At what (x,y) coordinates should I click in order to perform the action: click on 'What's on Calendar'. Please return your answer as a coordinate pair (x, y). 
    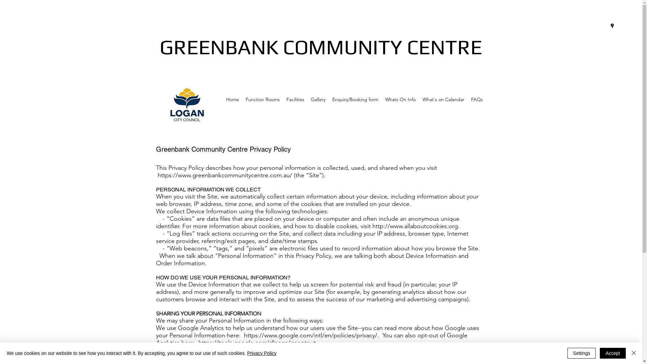
    Looking at the image, I should click on (443, 99).